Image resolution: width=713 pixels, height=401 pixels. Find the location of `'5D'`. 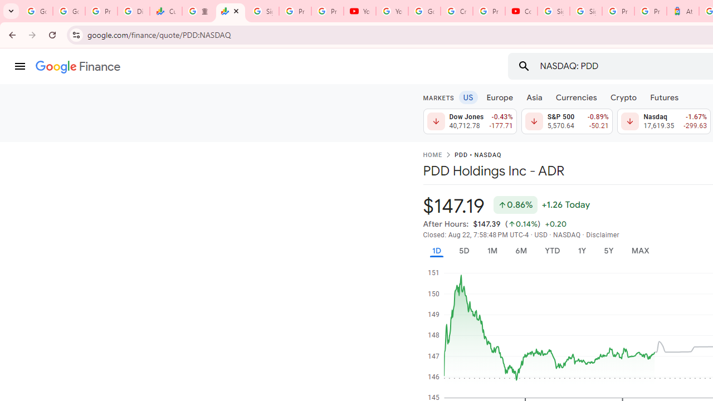

'5D' is located at coordinates (463, 251).